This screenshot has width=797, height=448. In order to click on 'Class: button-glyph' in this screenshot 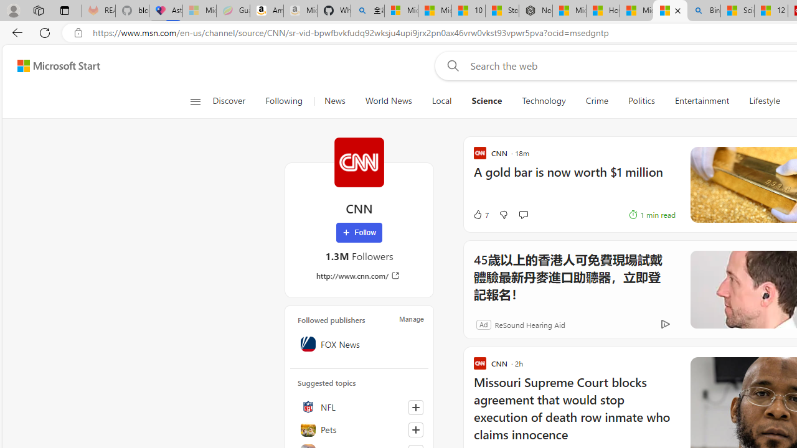, I will do `click(194, 101)`.